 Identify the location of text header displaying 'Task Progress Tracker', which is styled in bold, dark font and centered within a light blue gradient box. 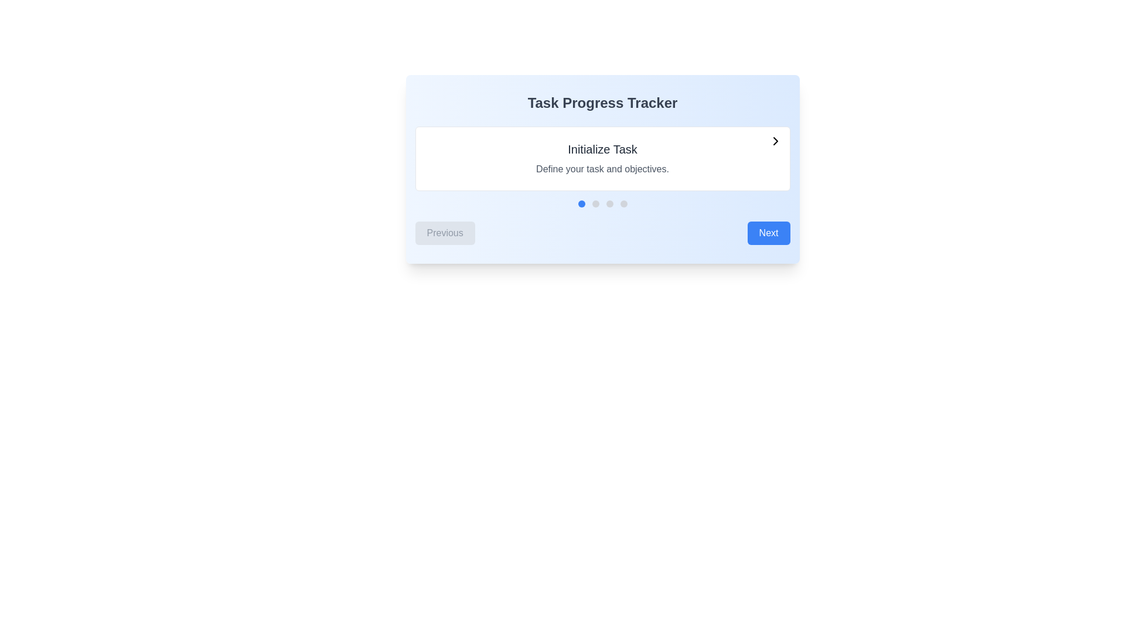
(602, 103).